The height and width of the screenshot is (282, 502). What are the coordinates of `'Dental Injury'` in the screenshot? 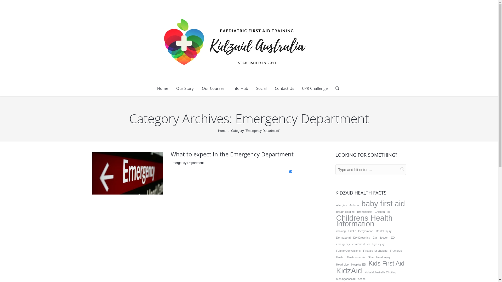 It's located at (384, 231).